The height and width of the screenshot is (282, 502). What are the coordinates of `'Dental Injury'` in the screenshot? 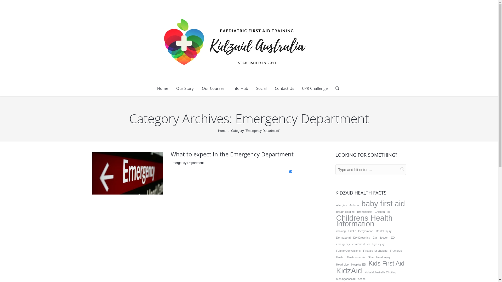 It's located at (384, 231).